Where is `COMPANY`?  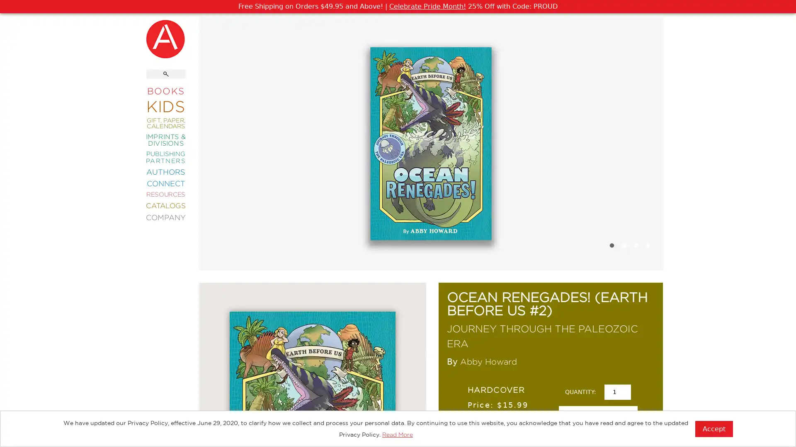 COMPANY is located at coordinates (165, 216).